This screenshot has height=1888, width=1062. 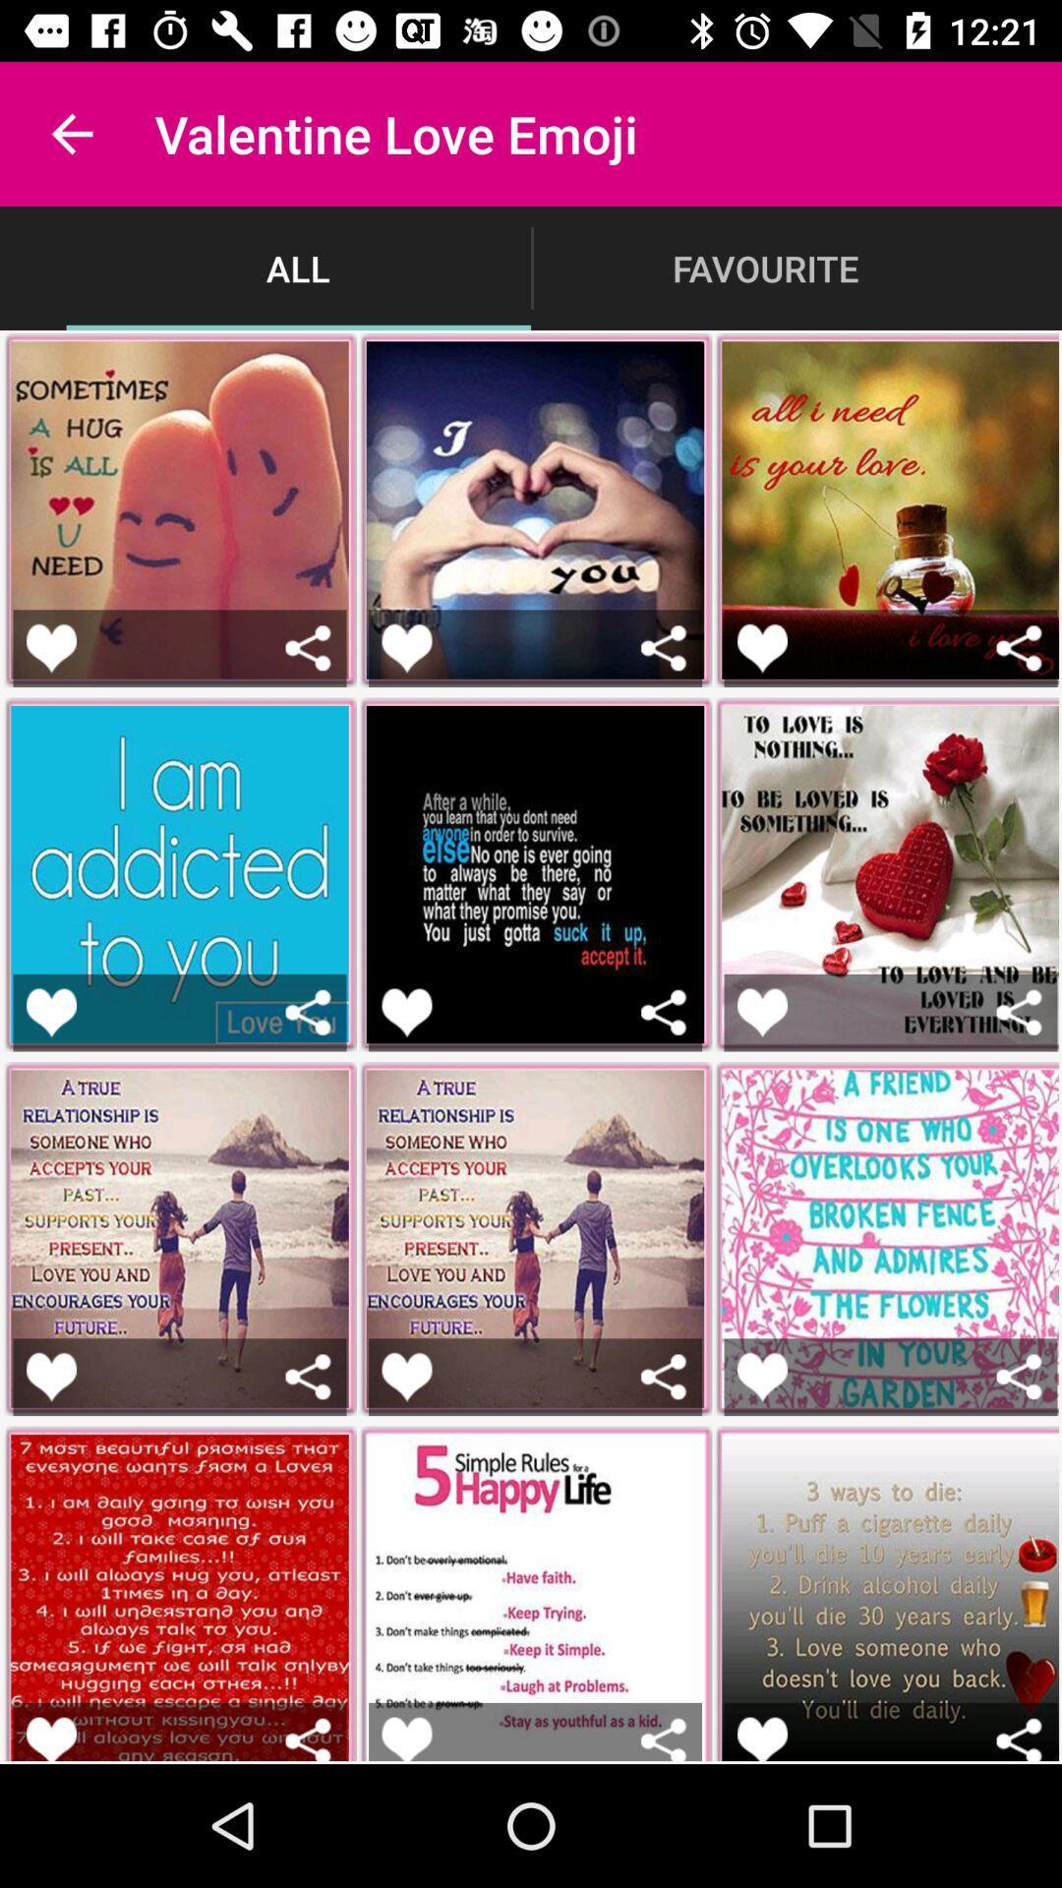 I want to click on show appreciation, so click(x=50, y=1739).